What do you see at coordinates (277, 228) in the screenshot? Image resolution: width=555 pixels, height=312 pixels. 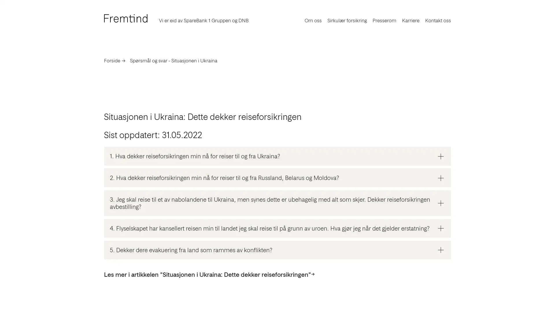 I see `4. Flyselskapet har kansellert reisen min til landet jeg skal reise til pa grunn av uroen. Hva gjr jeg nar det gjelder erstatning?` at bounding box center [277, 228].